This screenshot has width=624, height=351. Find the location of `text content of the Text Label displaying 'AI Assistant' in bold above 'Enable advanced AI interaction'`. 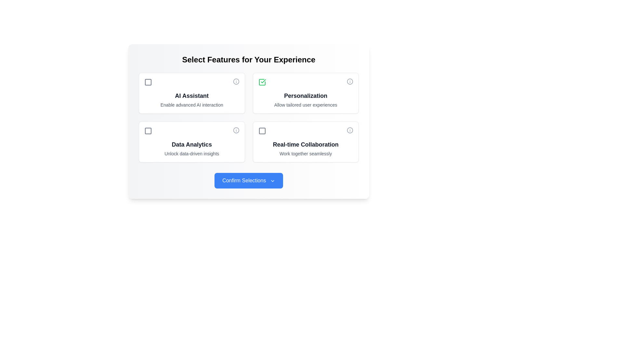

text content of the Text Label displaying 'AI Assistant' in bold above 'Enable advanced AI interaction' is located at coordinates (191, 100).